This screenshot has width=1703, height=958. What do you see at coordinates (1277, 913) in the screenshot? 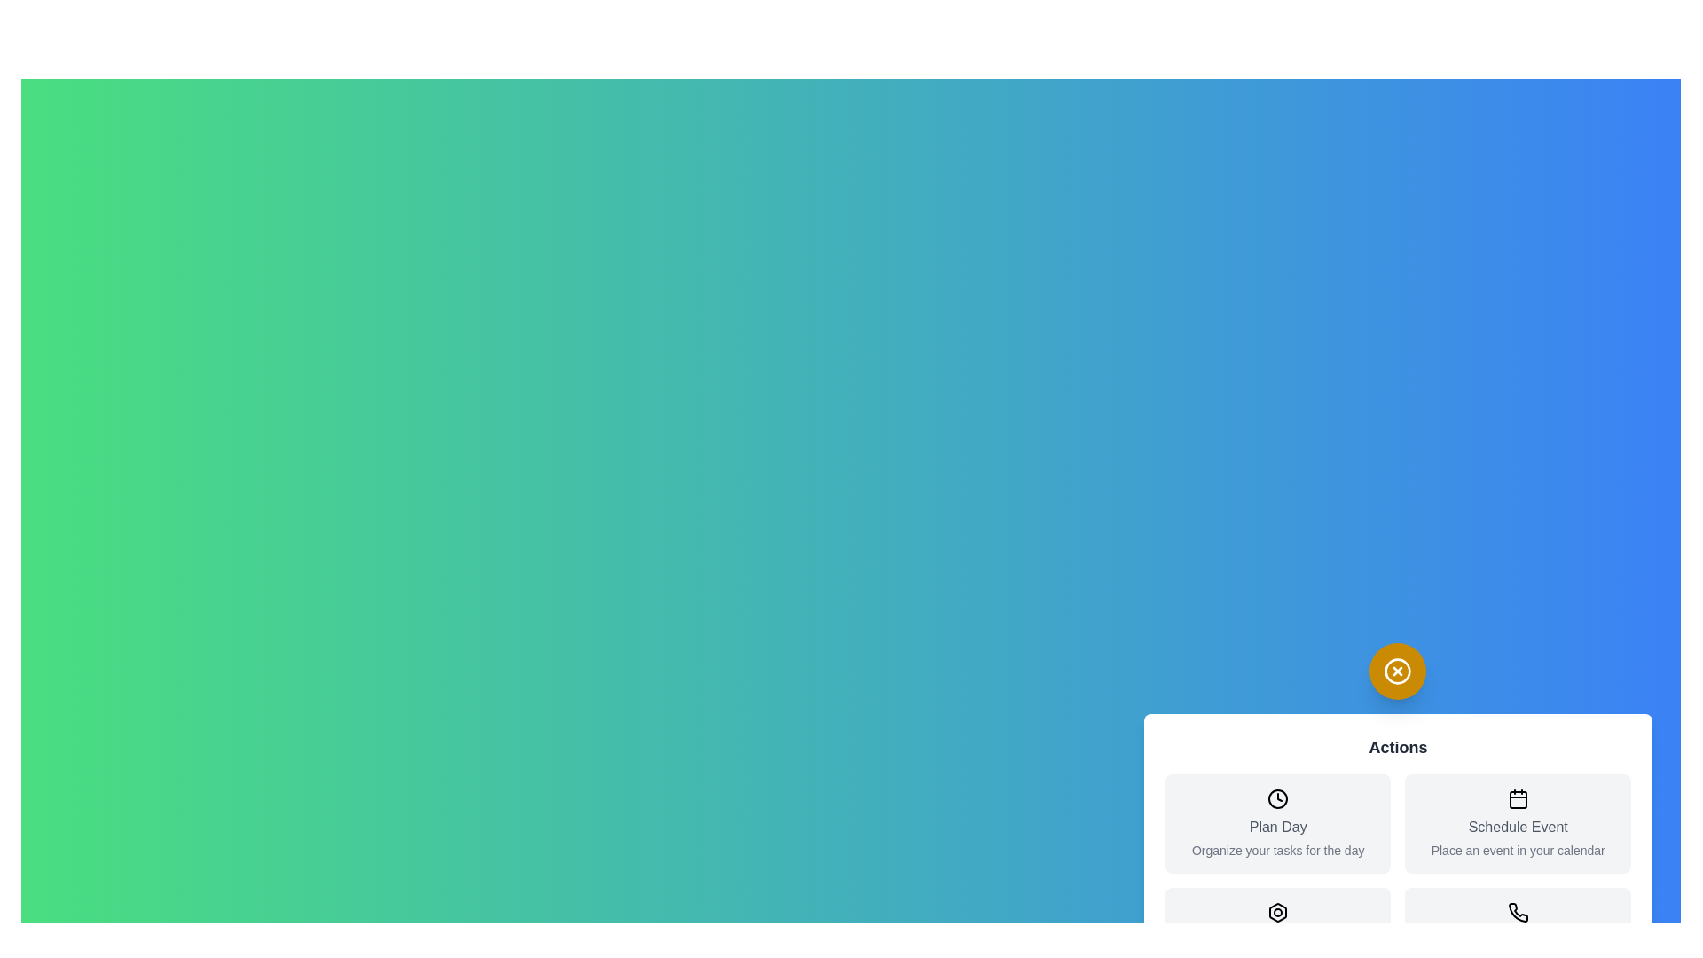
I see `the icon corresponding to Quick Access` at bounding box center [1277, 913].